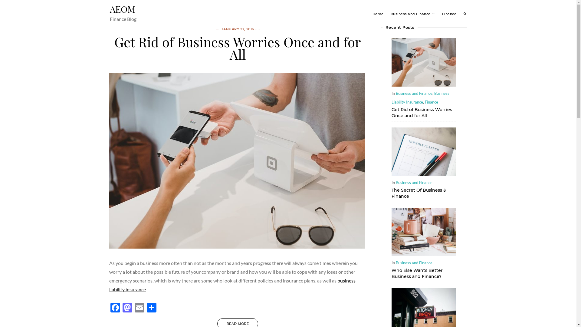 The width and height of the screenshot is (581, 327). What do you see at coordinates (127, 308) in the screenshot?
I see `'Mastodon'` at bounding box center [127, 308].